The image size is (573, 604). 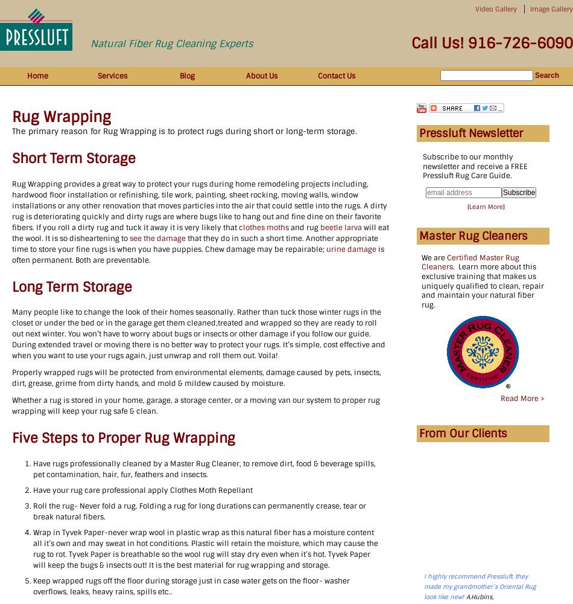 What do you see at coordinates (467, 205) in the screenshot?
I see `'['` at bounding box center [467, 205].